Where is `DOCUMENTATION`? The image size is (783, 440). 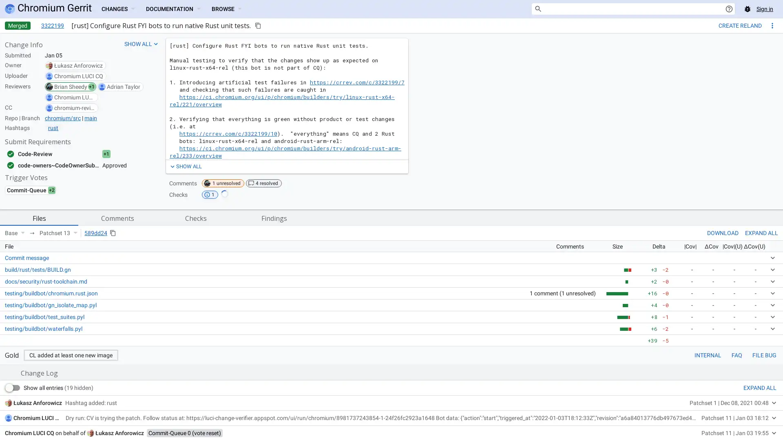
DOCUMENTATION is located at coordinates (172, 9).